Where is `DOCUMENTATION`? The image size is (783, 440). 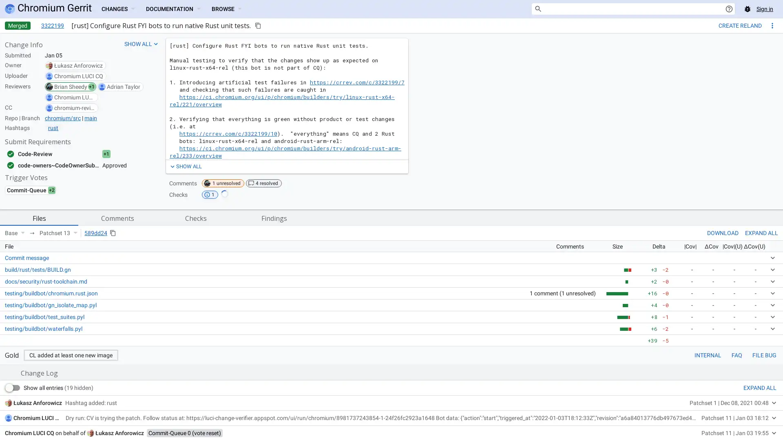
DOCUMENTATION is located at coordinates (172, 9).